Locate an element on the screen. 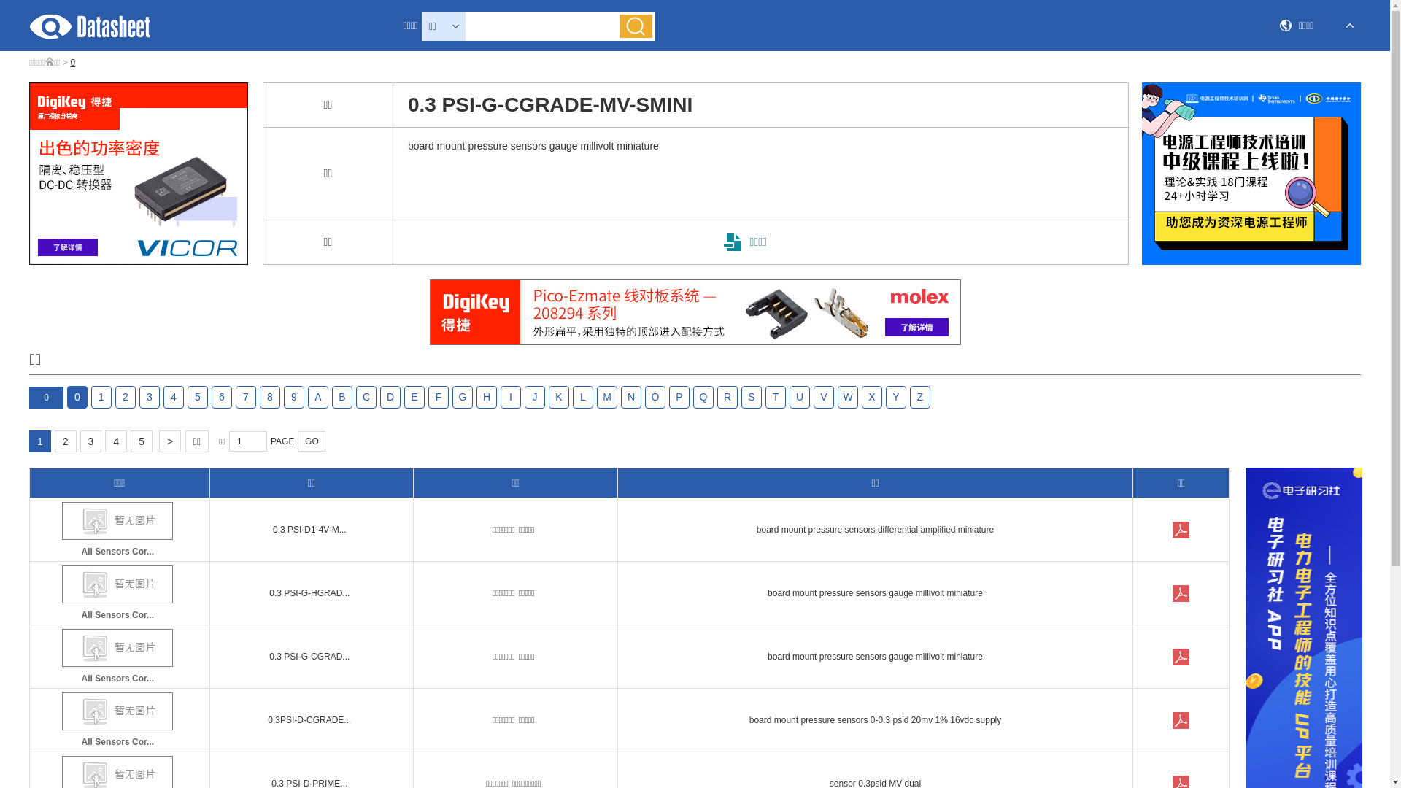 The image size is (1401, 788). 'U' is located at coordinates (798, 397).